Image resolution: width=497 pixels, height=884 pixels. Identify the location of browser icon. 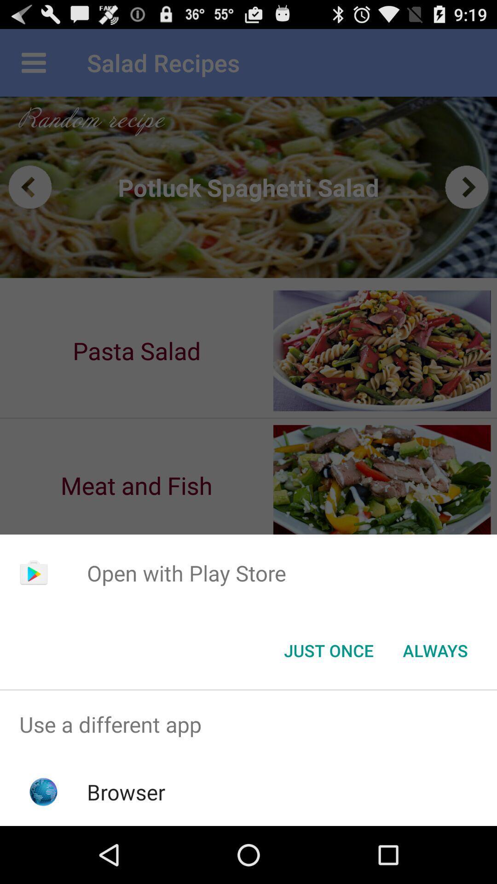
(126, 791).